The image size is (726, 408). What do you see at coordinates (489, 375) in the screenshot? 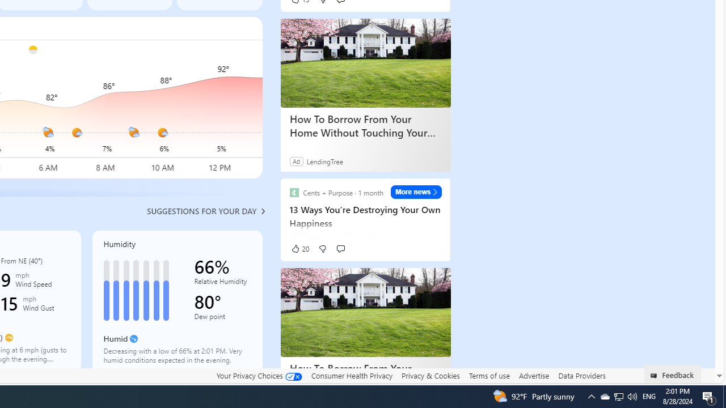
I see `'Terms of use'` at bounding box center [489, 375].